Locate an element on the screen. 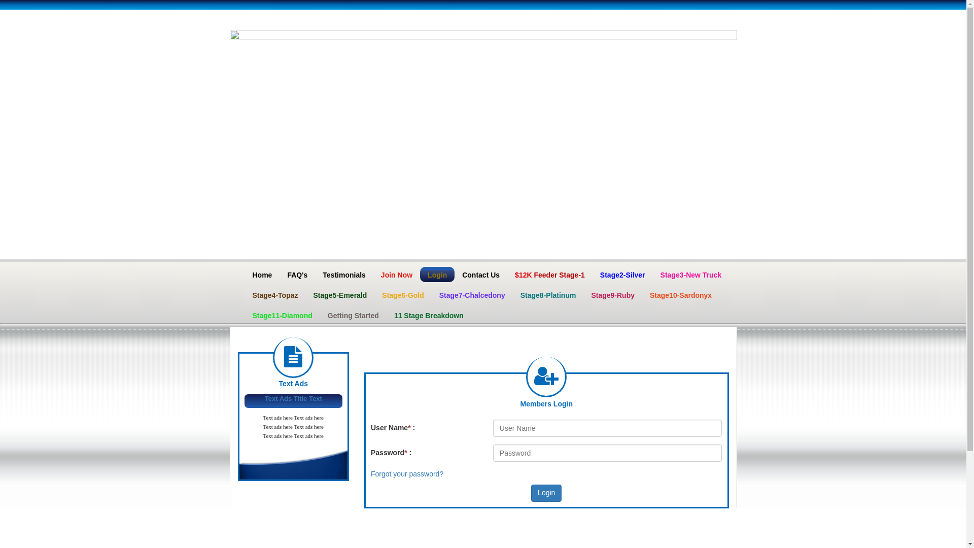 The height and width of the screenshot is (548, 974). 'Forgot your password?' is located at coordinates (407, 473).